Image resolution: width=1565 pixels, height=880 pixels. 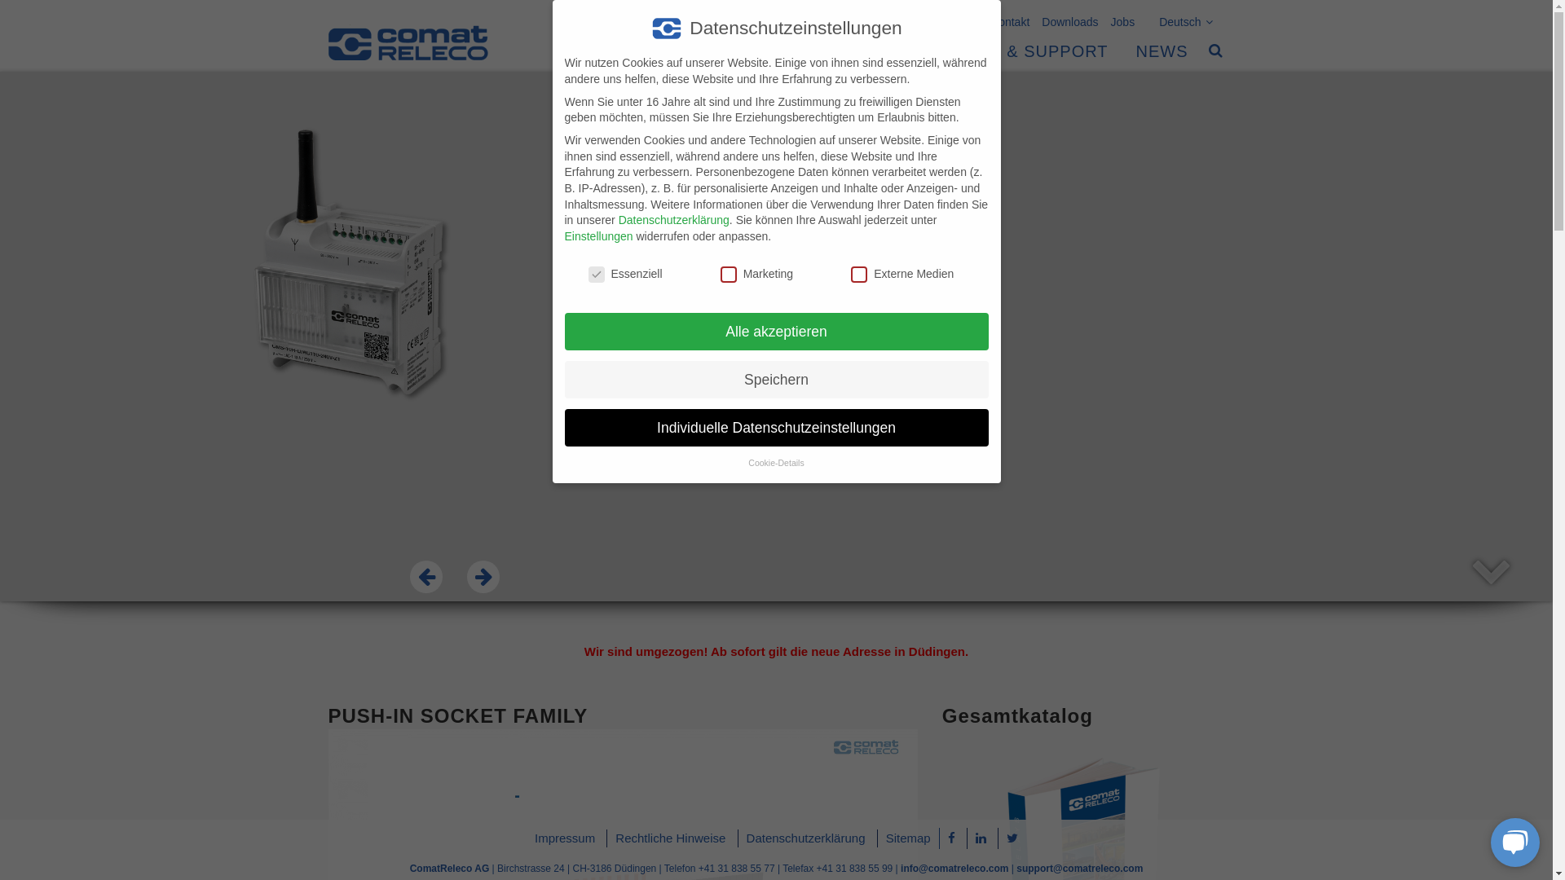 I want to click on 'Kontakt', so click(x=1003, y=18).